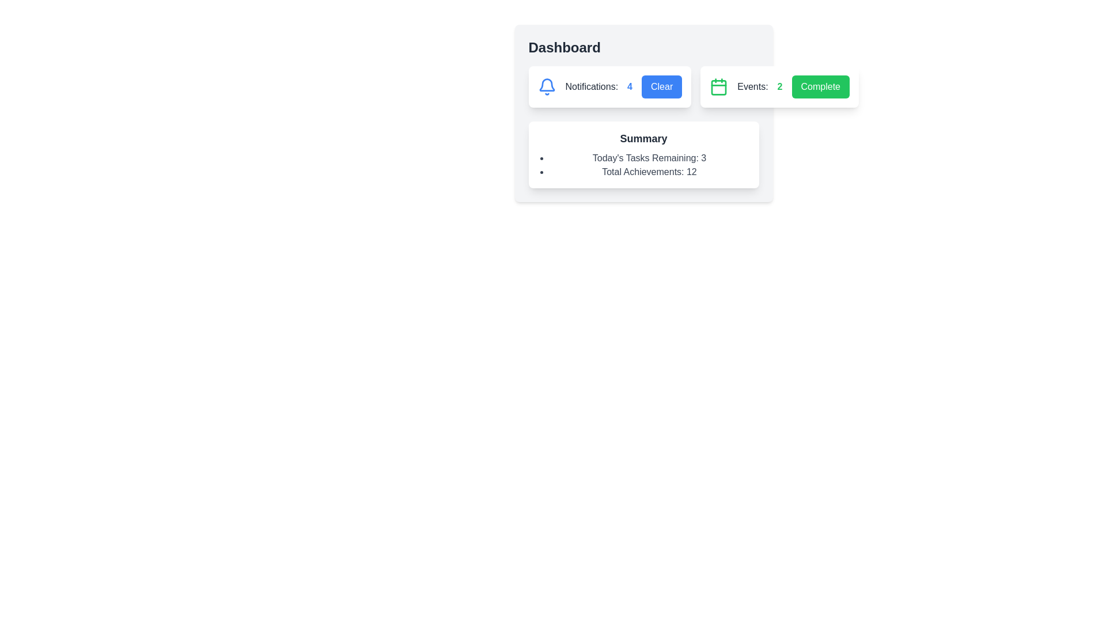 The width and height of the screenshot is (1106, 622). What do you see at coordinates (609, 86) in the screenshot?
I see `notification count from the Notification Panel displayed on the left side of the dashboard interface` at bounding box center [609, 86].